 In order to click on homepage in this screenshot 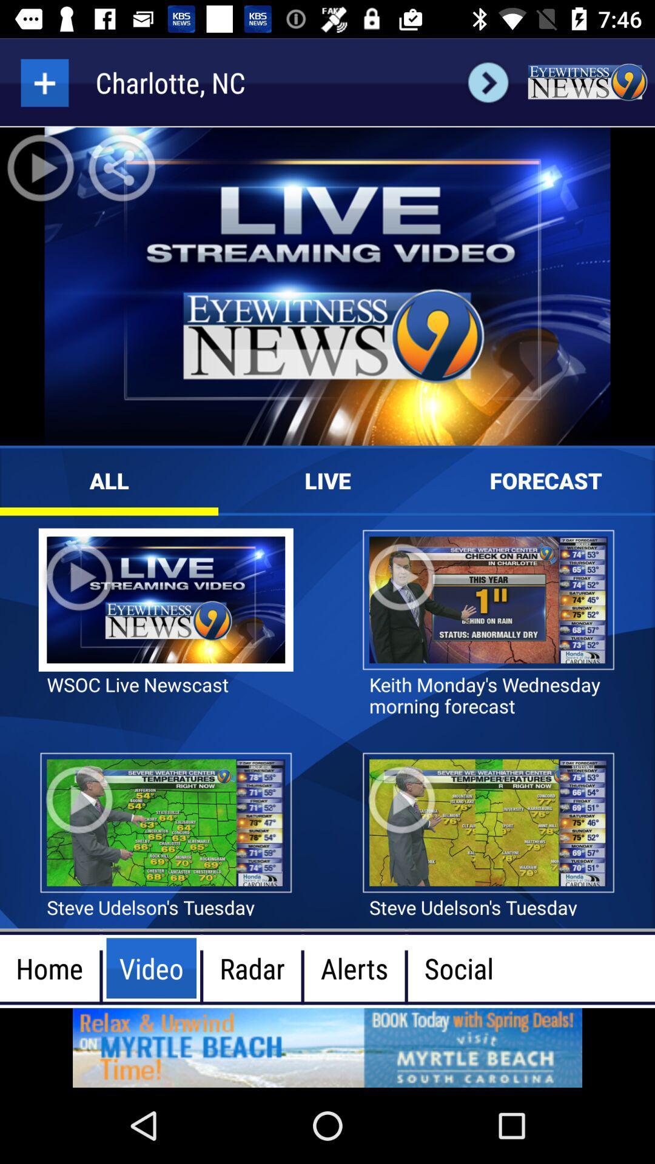, I will do `click(586, 82)`.